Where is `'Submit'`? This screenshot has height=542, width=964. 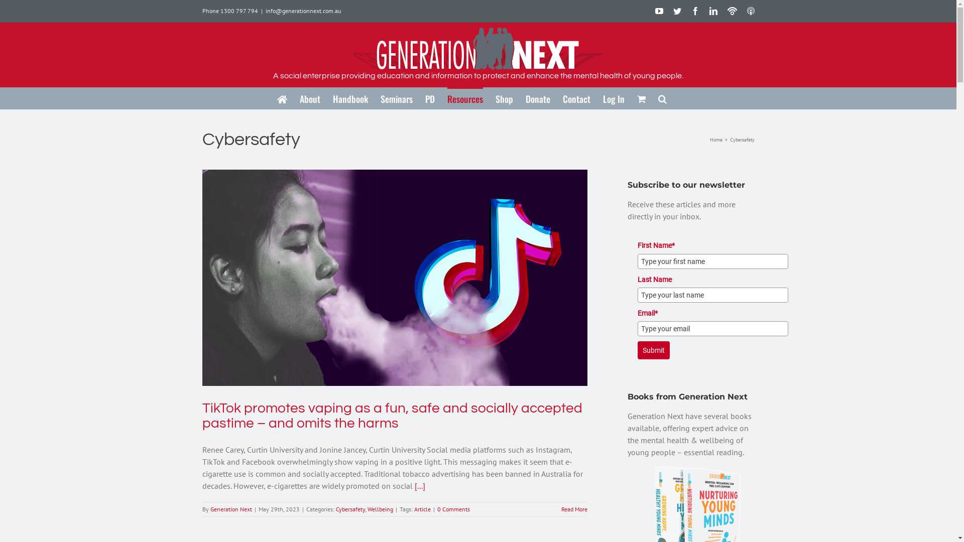
'Submit' is located at coordinates (653, 350).